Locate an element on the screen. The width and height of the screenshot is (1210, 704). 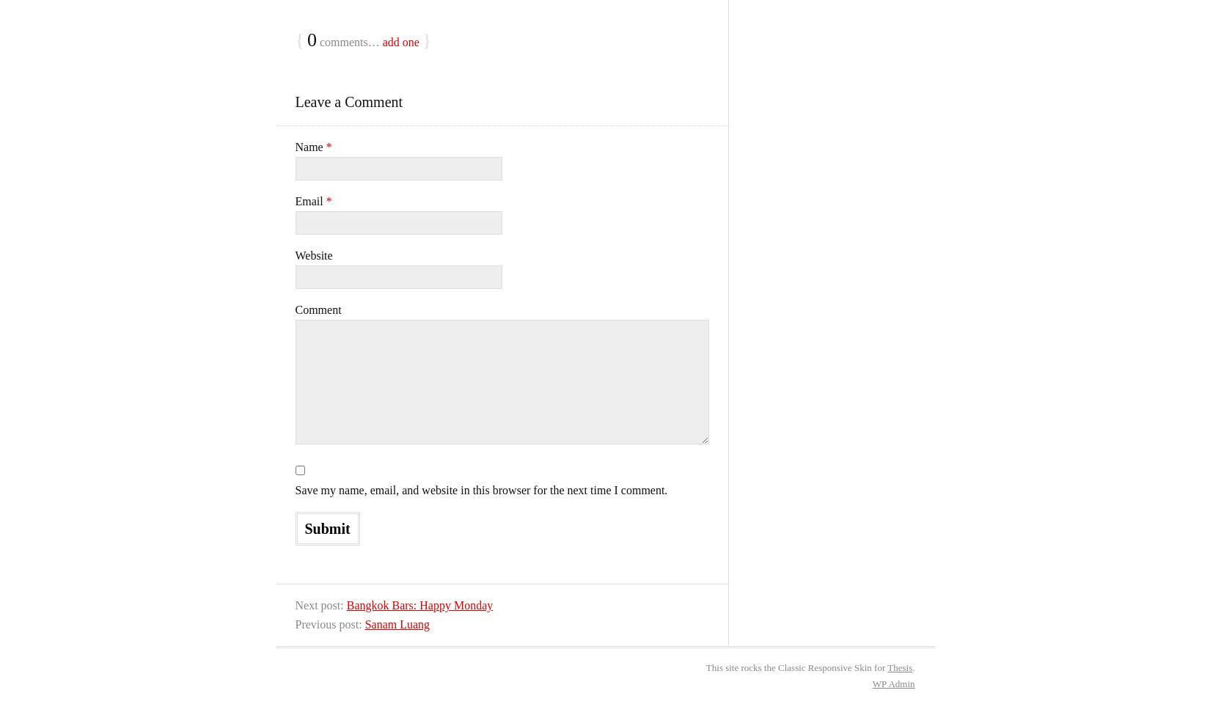
'add one' is located at coordinates (399, 41).